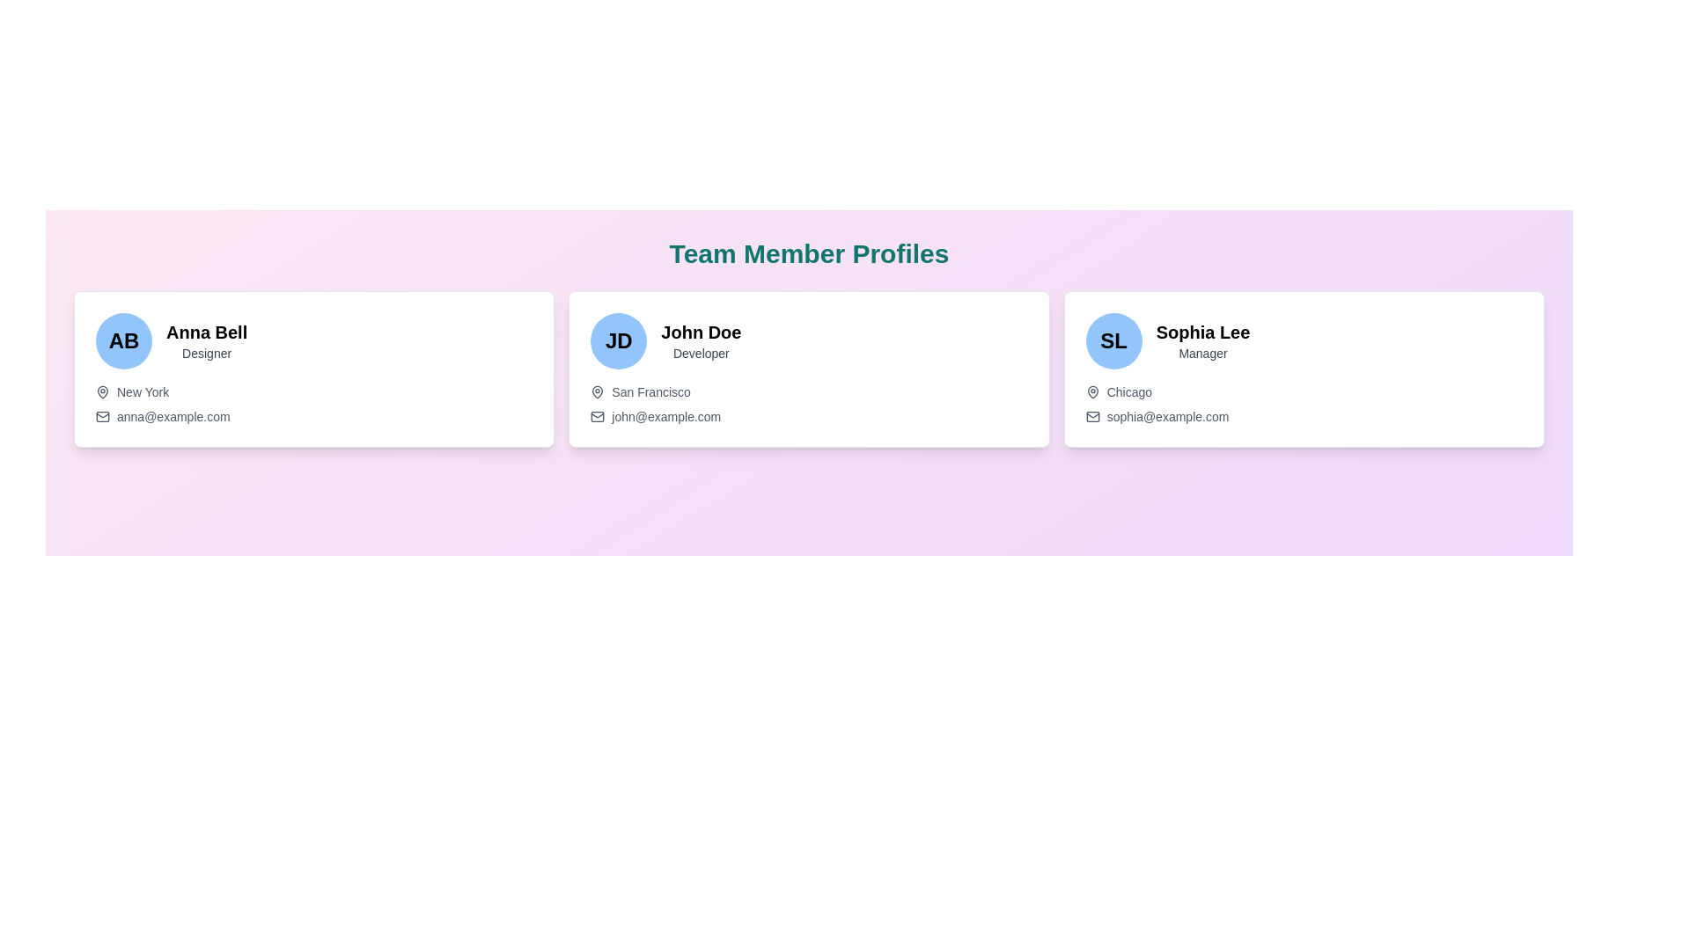  What do you see at coordinates (700, 332) in the screenshot?
I see `the text label displaying 'John Doe'` at bounding box center [700, 332].